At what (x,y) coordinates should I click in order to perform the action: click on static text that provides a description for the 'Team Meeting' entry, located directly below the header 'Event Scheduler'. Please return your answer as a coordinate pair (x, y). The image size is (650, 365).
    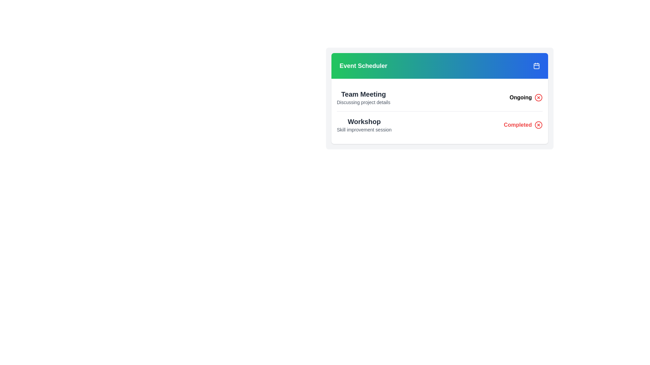
    Looking at the image, I should click on (363, 102).